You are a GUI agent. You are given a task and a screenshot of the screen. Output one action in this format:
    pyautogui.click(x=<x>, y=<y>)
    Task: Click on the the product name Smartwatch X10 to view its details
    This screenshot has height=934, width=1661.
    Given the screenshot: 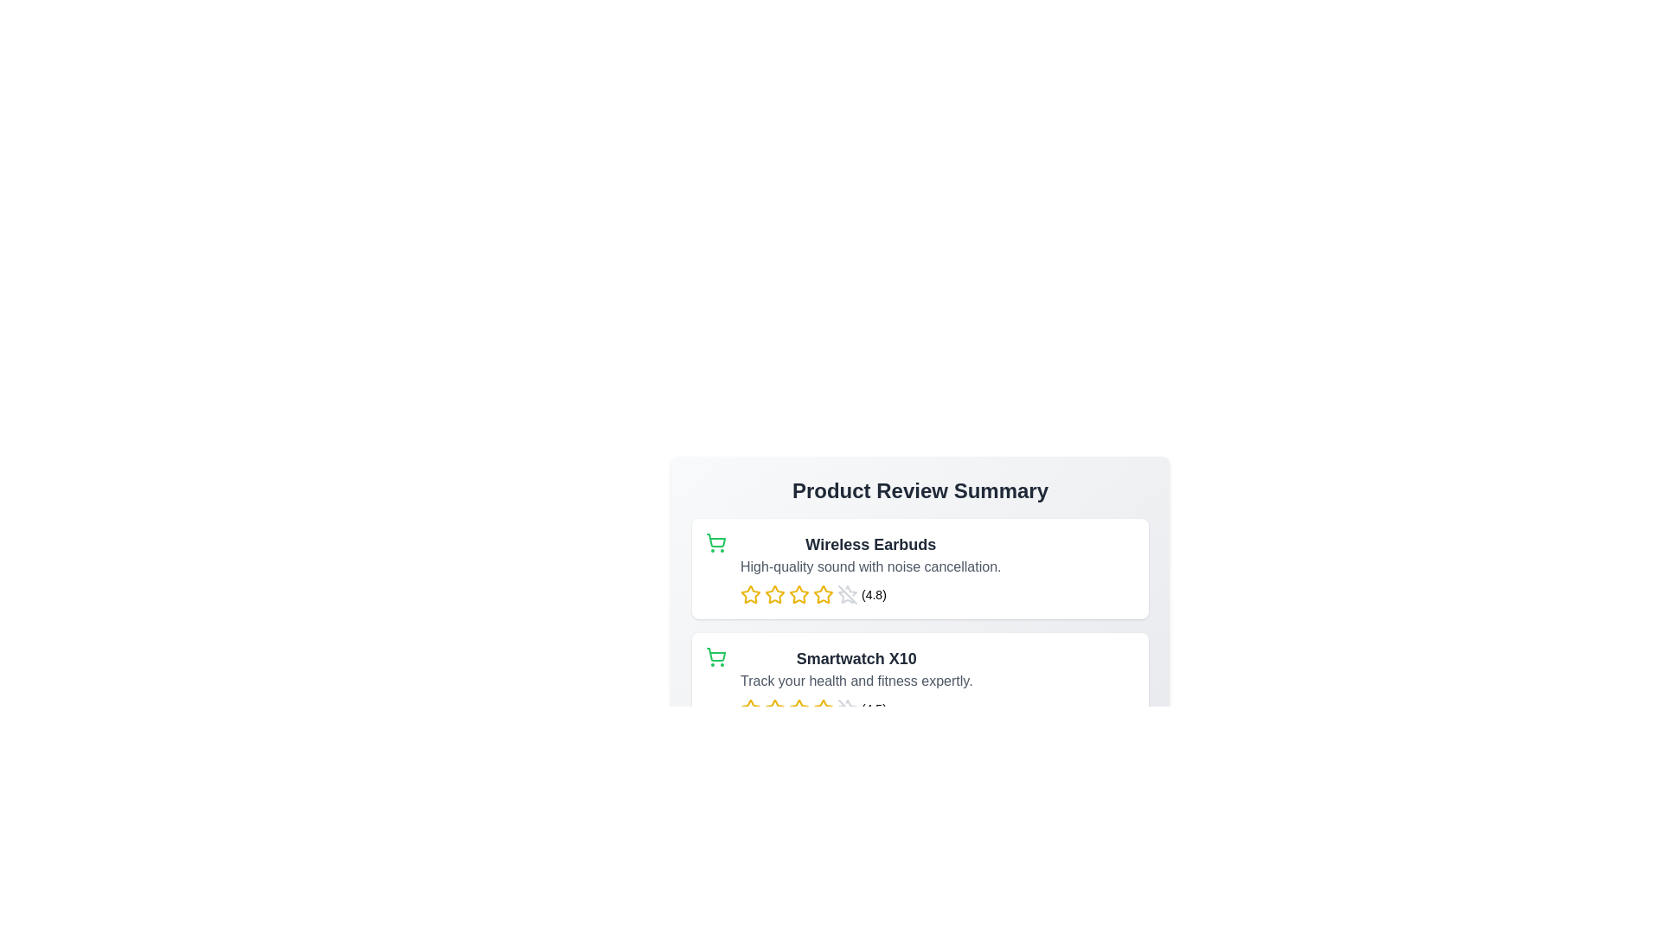 What is the action you would take?
    pyautogui.click(x=856, y=659)
    